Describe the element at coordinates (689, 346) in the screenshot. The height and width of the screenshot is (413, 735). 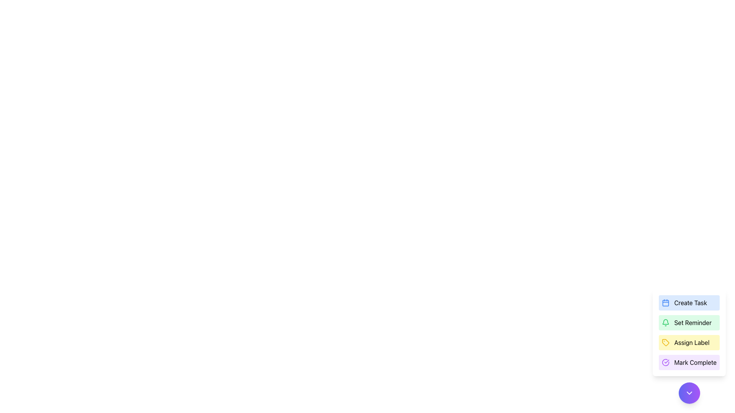
I see `the third button in the vertically aligned list of action buttons located in the bottom-right corner of the interface to assign a label` at that location.